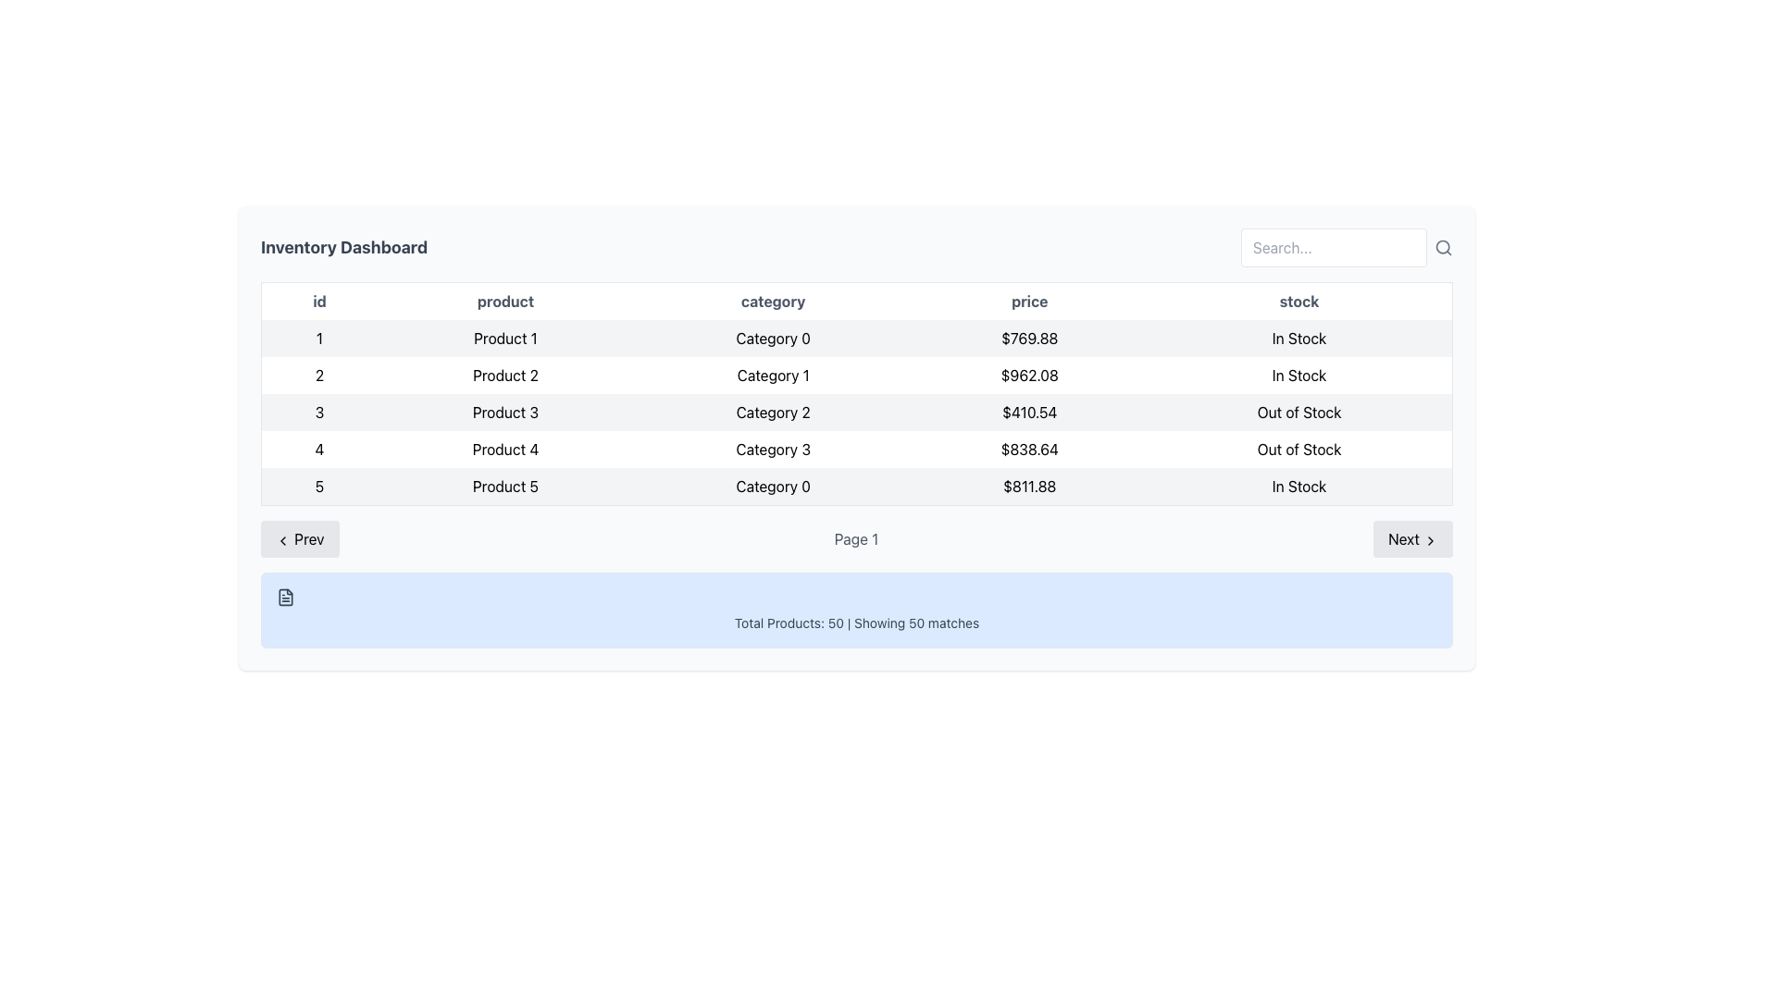  I want to click on the file icon graphic component, which is part of an SVG group within the blue background section of the interface, so click(284, 597).